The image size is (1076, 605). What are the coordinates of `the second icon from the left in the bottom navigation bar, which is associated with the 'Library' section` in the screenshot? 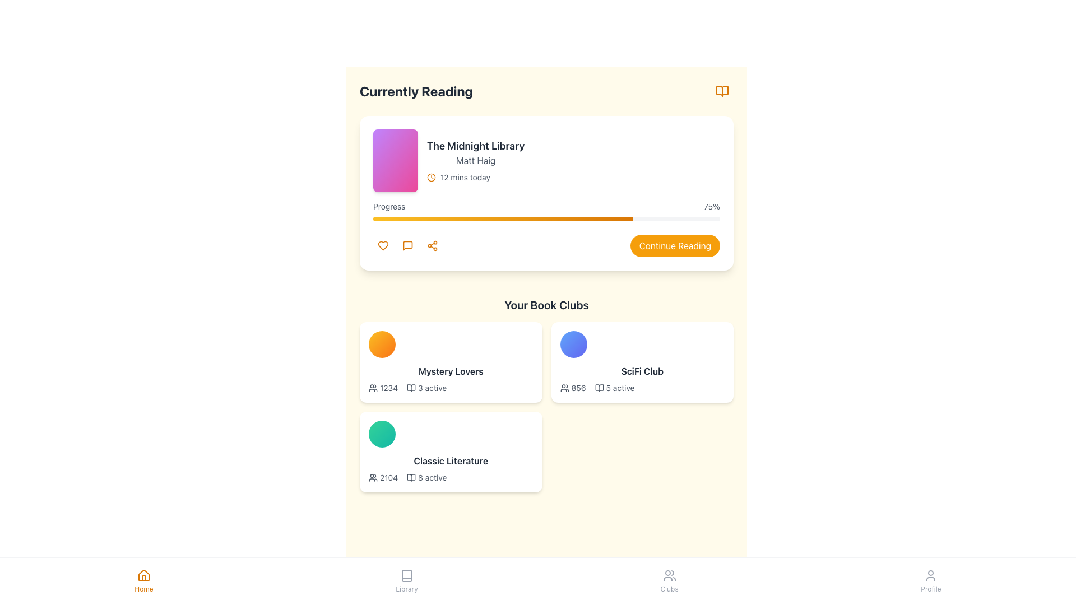 It's located at (406, 576).